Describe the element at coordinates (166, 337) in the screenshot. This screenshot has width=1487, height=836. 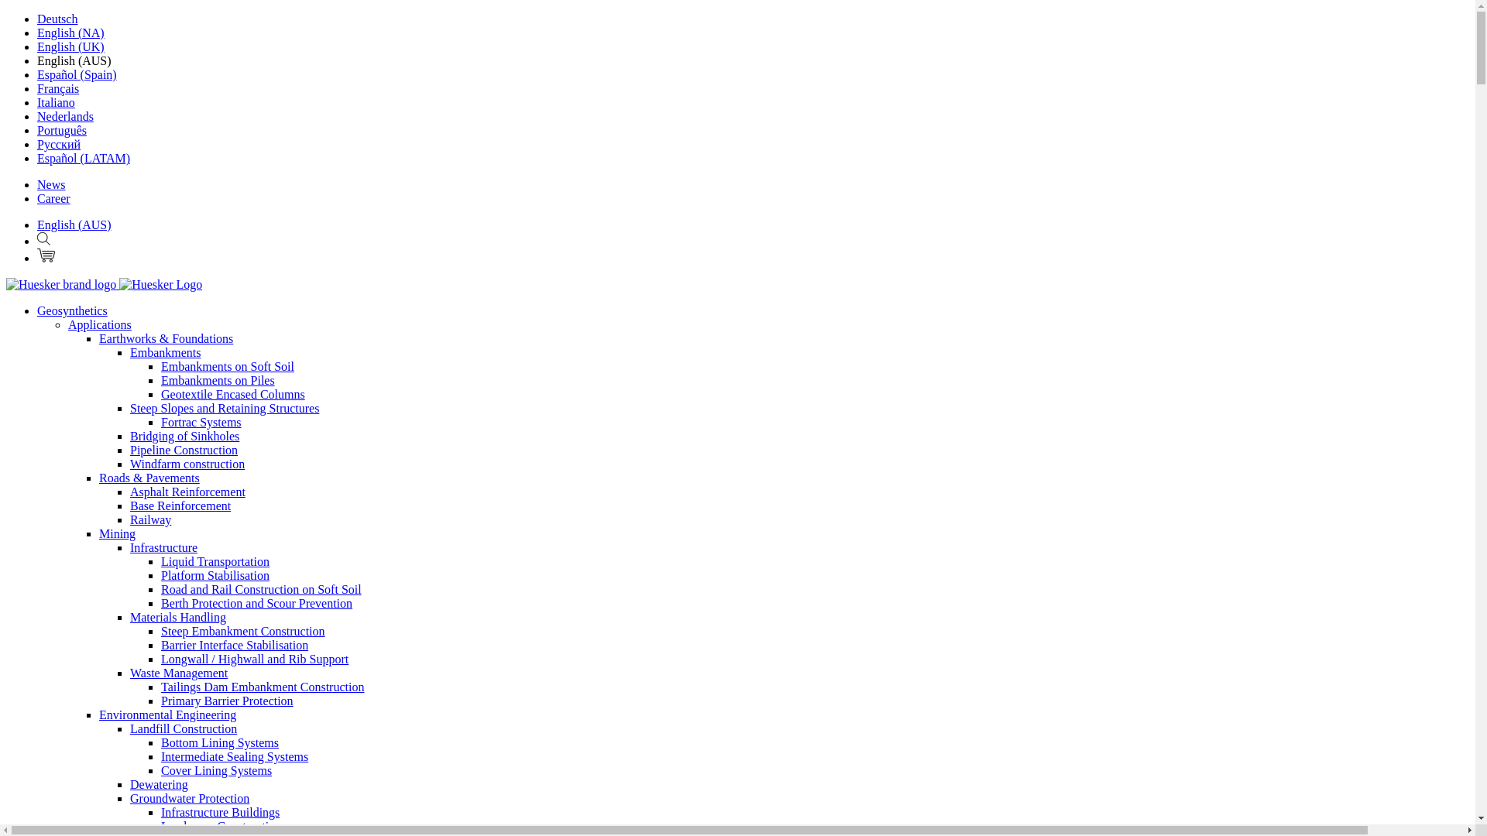
I see `'Earthworks & Foundations'` at that location.